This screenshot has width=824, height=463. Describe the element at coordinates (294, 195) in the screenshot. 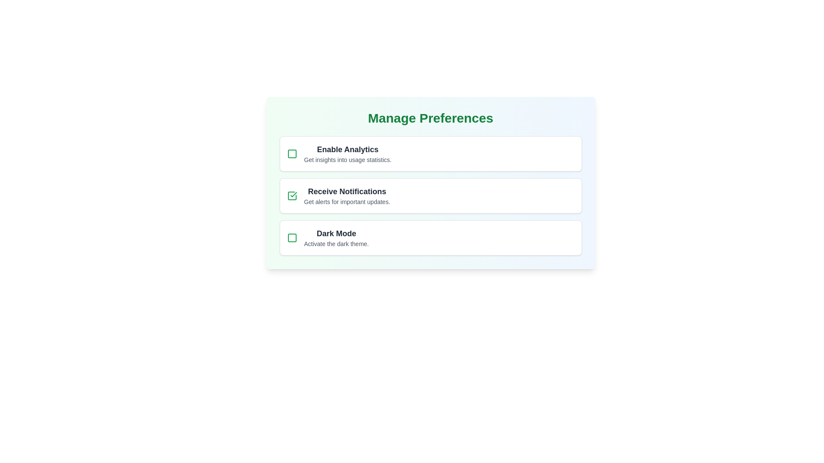

I see `the selected state icon of the 'Receive Notifications' checkbox, which is the second option in the list` at that location.